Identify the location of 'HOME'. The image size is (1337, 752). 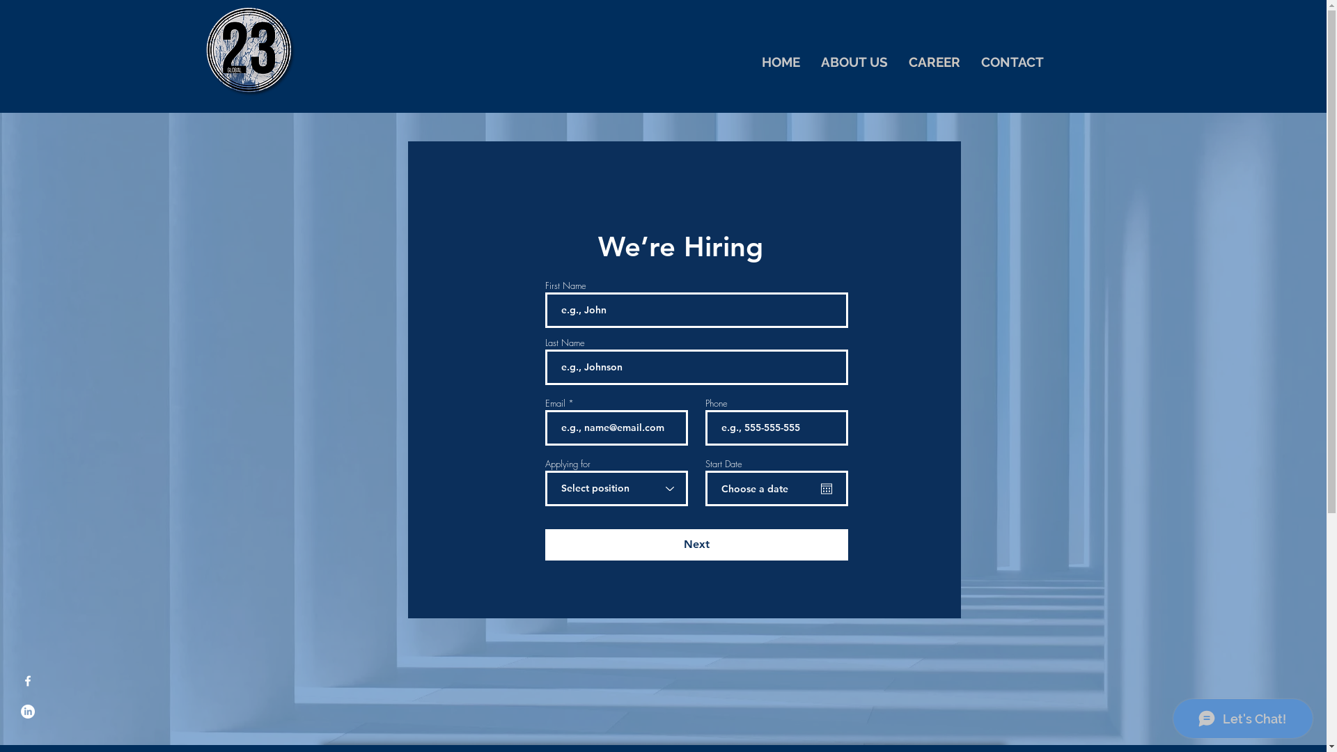
(780, 61).